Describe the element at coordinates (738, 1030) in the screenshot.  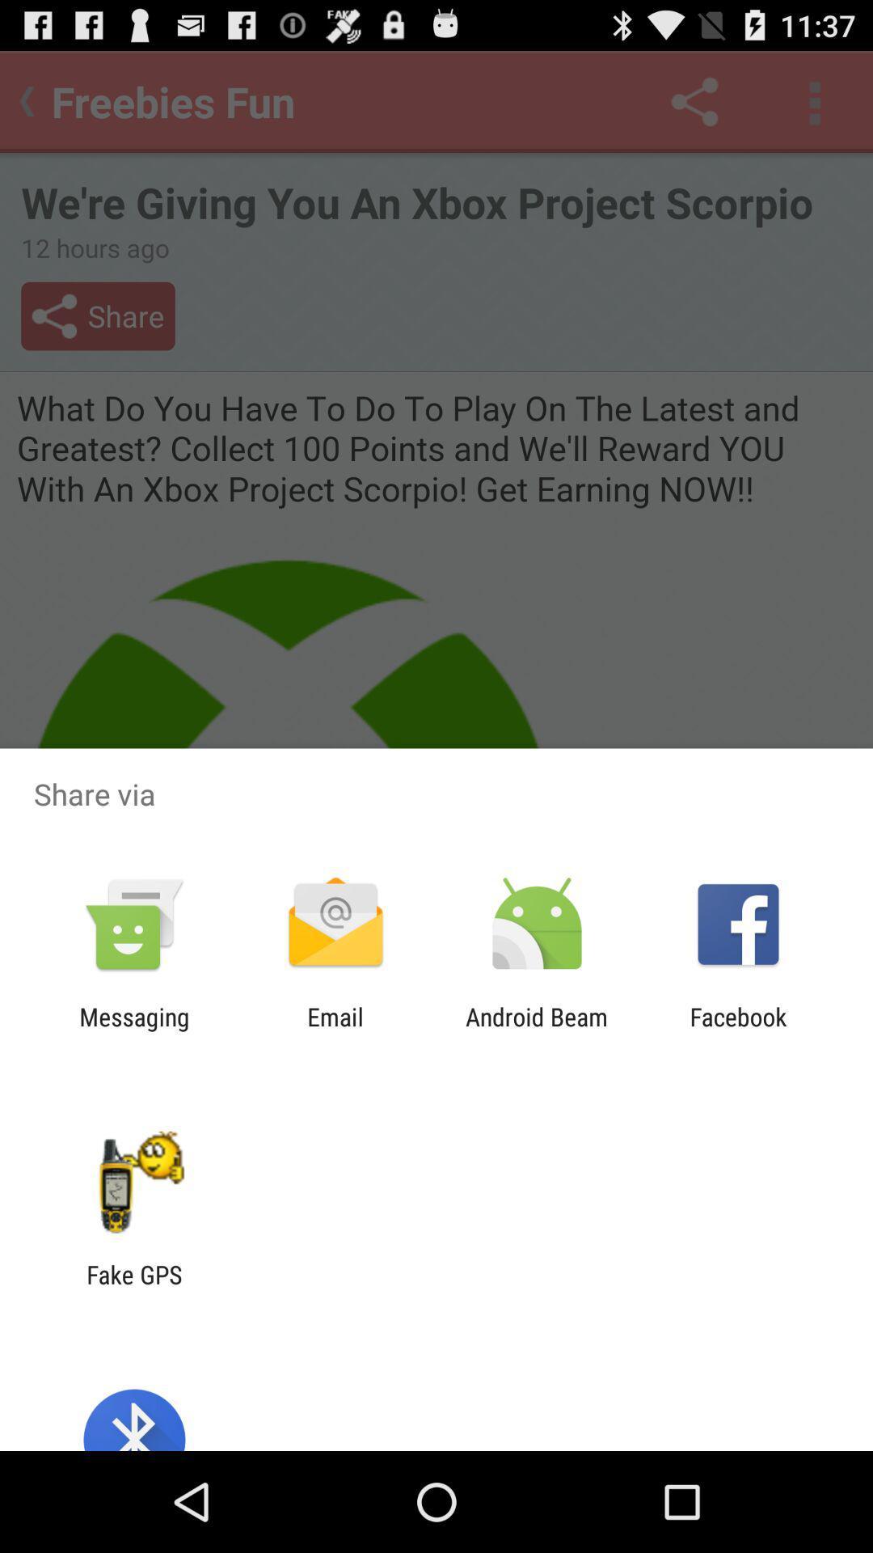
I see `the app next to android beam app` at that location.